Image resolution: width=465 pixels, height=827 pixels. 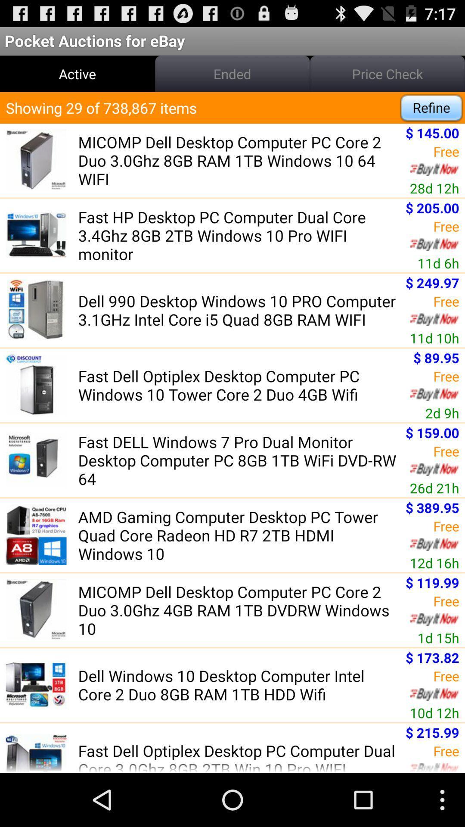 I want to click on icon to the right of the fast hp desktop app, so click(x=438, y=262).